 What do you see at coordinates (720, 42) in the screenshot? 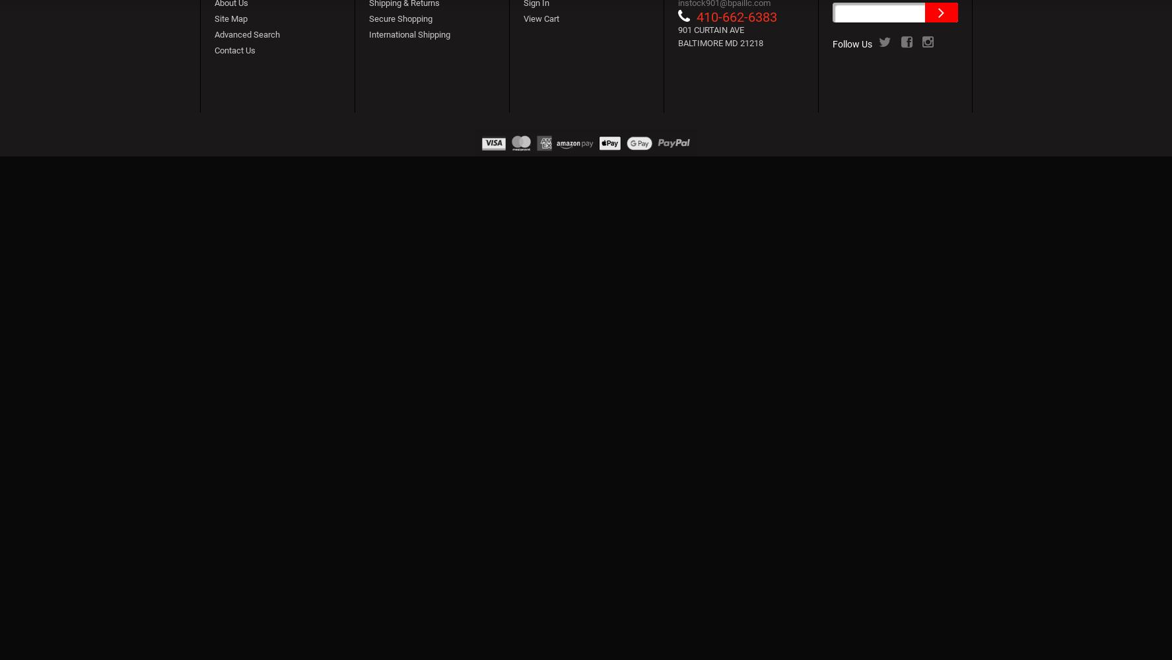
I see `'BALTIMORE MD 21218'` at bounding box center [720, 42].